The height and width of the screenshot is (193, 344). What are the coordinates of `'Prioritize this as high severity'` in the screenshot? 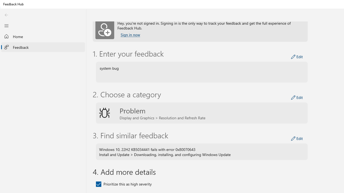 It's located at (123, 184).